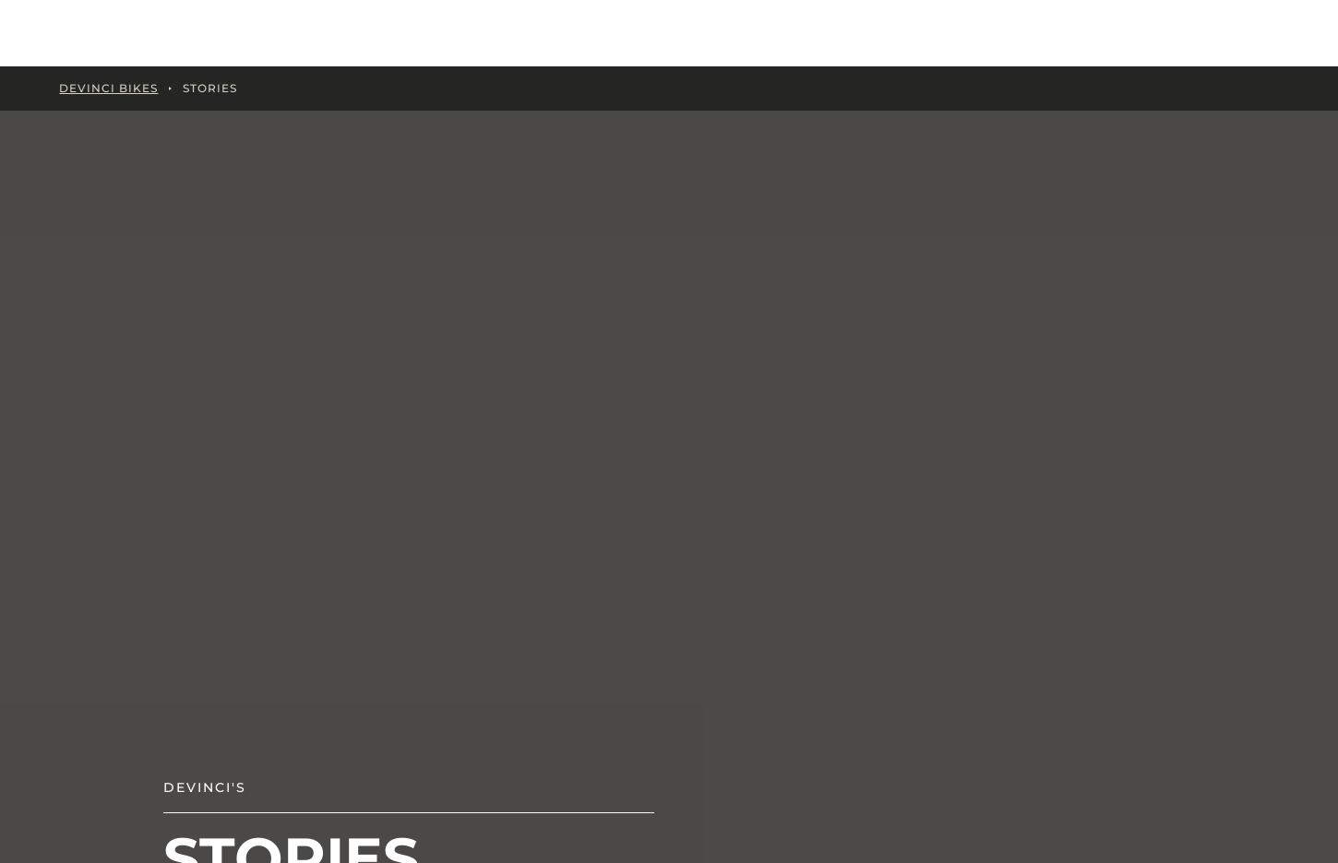 This screenshot has width=1338, height=863. What do you see at coordinates (423, 31) in the screenshot?
I see `'Inside Devinci'` at bounding box center [423, 31].